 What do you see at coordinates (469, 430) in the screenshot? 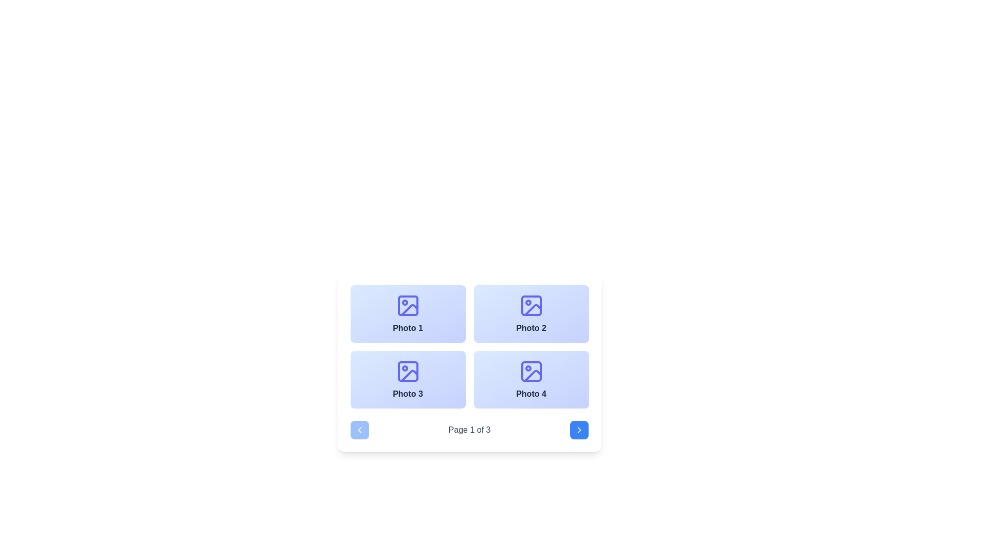
I see `the Text Display that indicates the current page number, positioned centrally between the left and right chevrons` at bounding box center [469, 430].